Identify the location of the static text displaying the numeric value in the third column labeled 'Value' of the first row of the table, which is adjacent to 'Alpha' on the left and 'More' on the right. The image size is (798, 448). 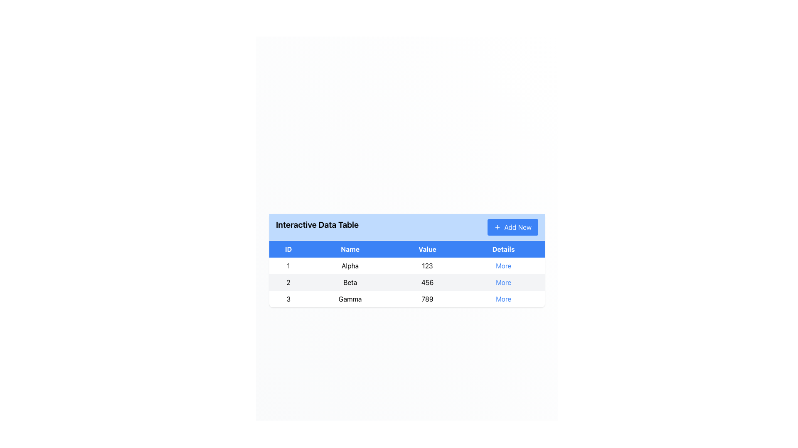
(427, 265).